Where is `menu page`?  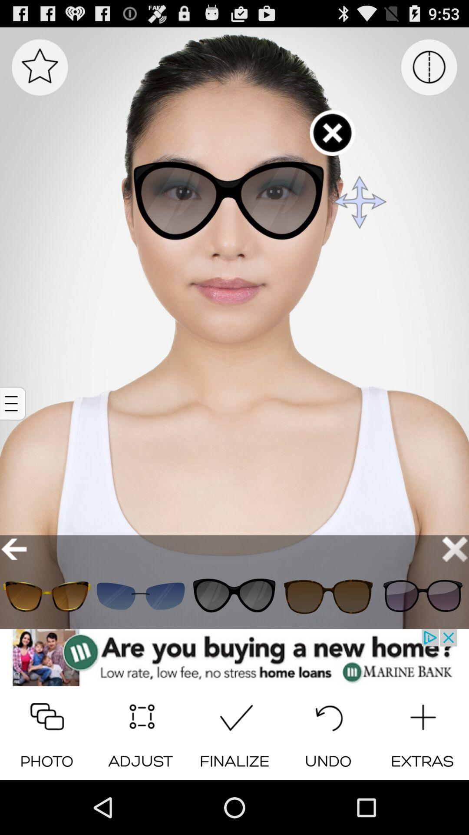
menu page is located at coordinates (429, 67).